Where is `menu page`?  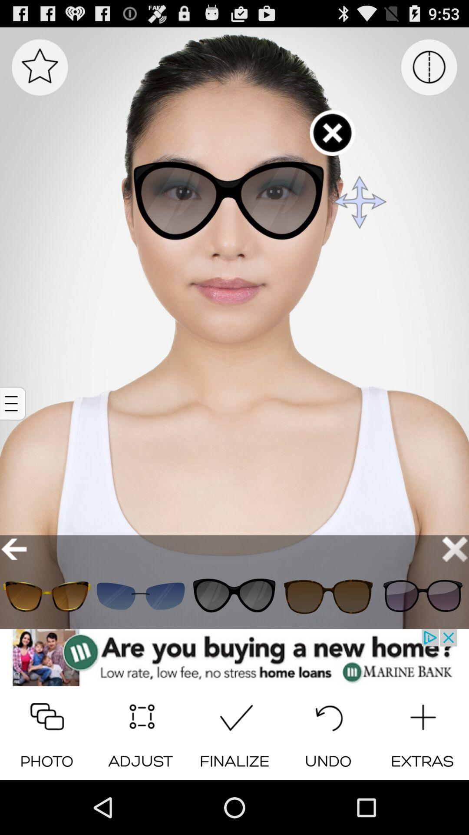
menu page is located at coordinates (429, 67).